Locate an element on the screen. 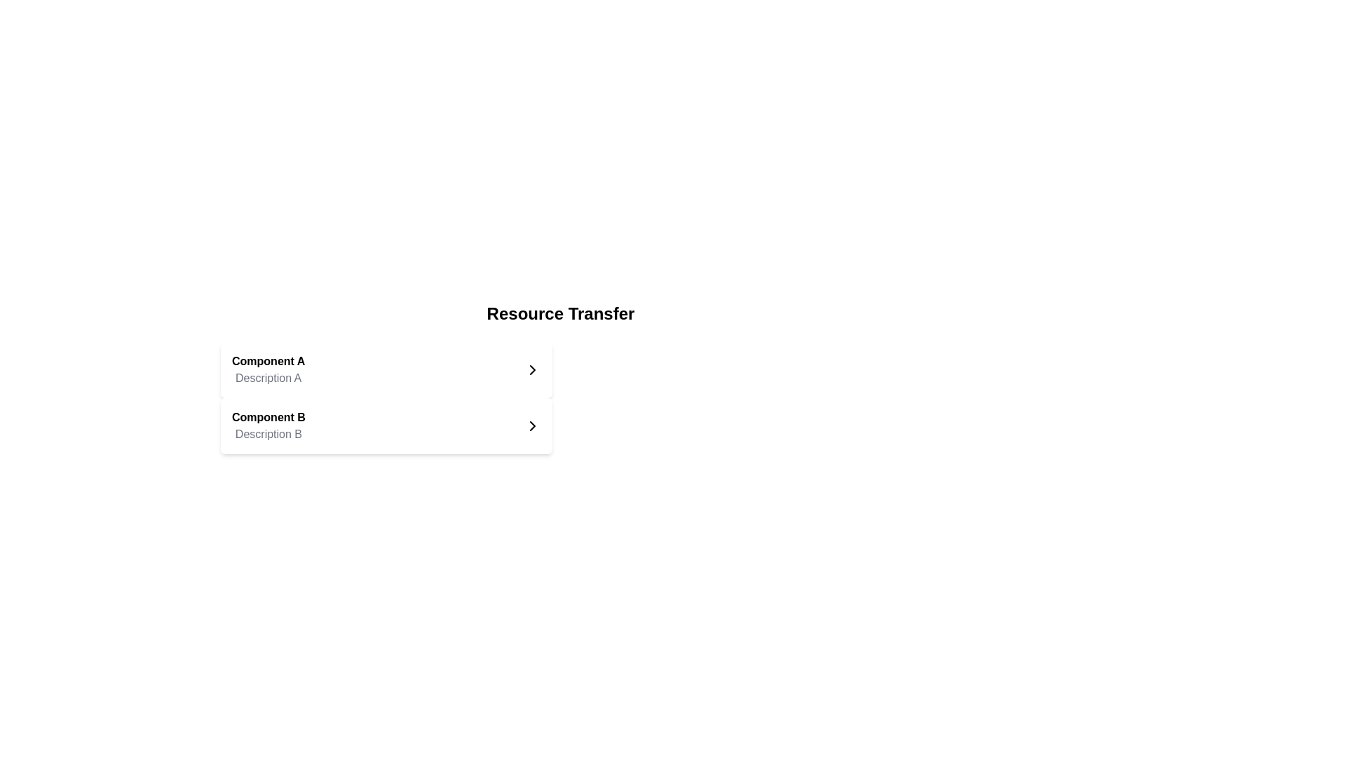 Image resolution: width=1346 pixels, height=757 pixels. the right-pointing chevron arrow icon located to the right of the 'Component B' entry to initiate navigation or action is located at coordinates (531, 425).